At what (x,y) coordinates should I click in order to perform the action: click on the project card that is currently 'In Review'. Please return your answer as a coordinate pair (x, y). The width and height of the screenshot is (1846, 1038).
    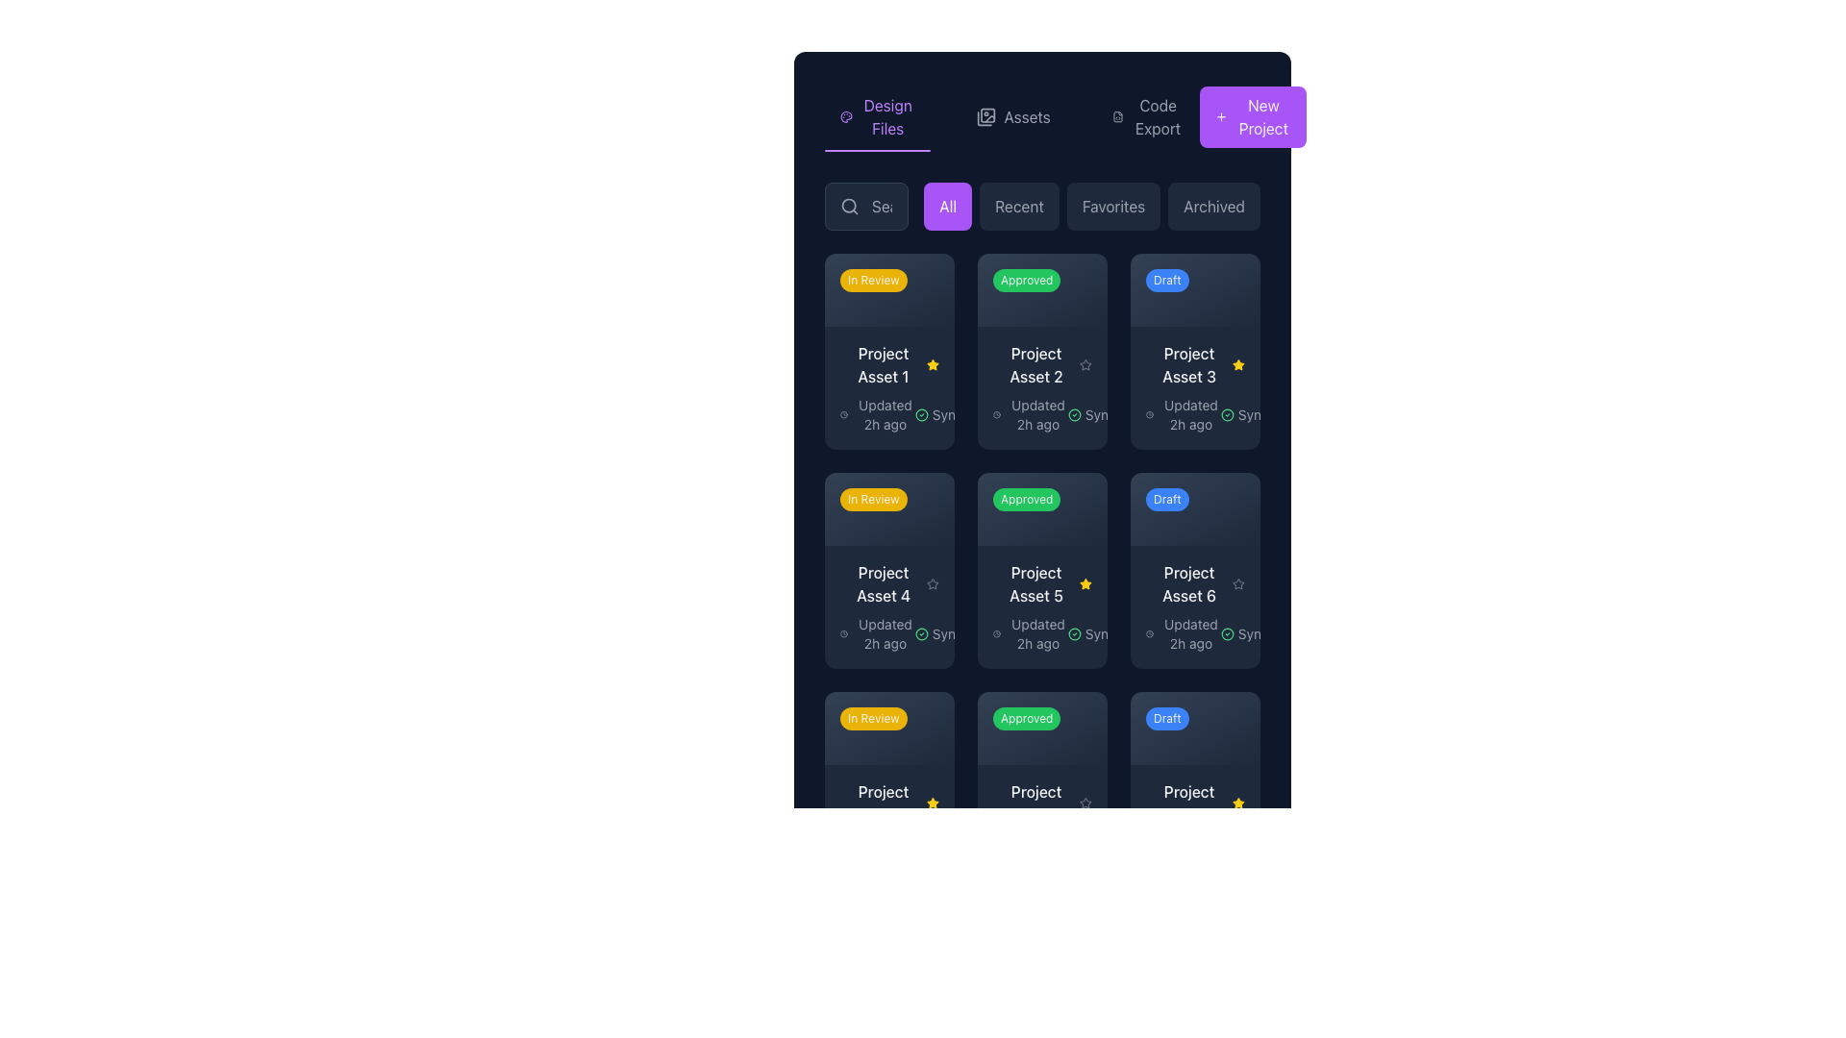
    Looking at the image, I should click on (888, 789).